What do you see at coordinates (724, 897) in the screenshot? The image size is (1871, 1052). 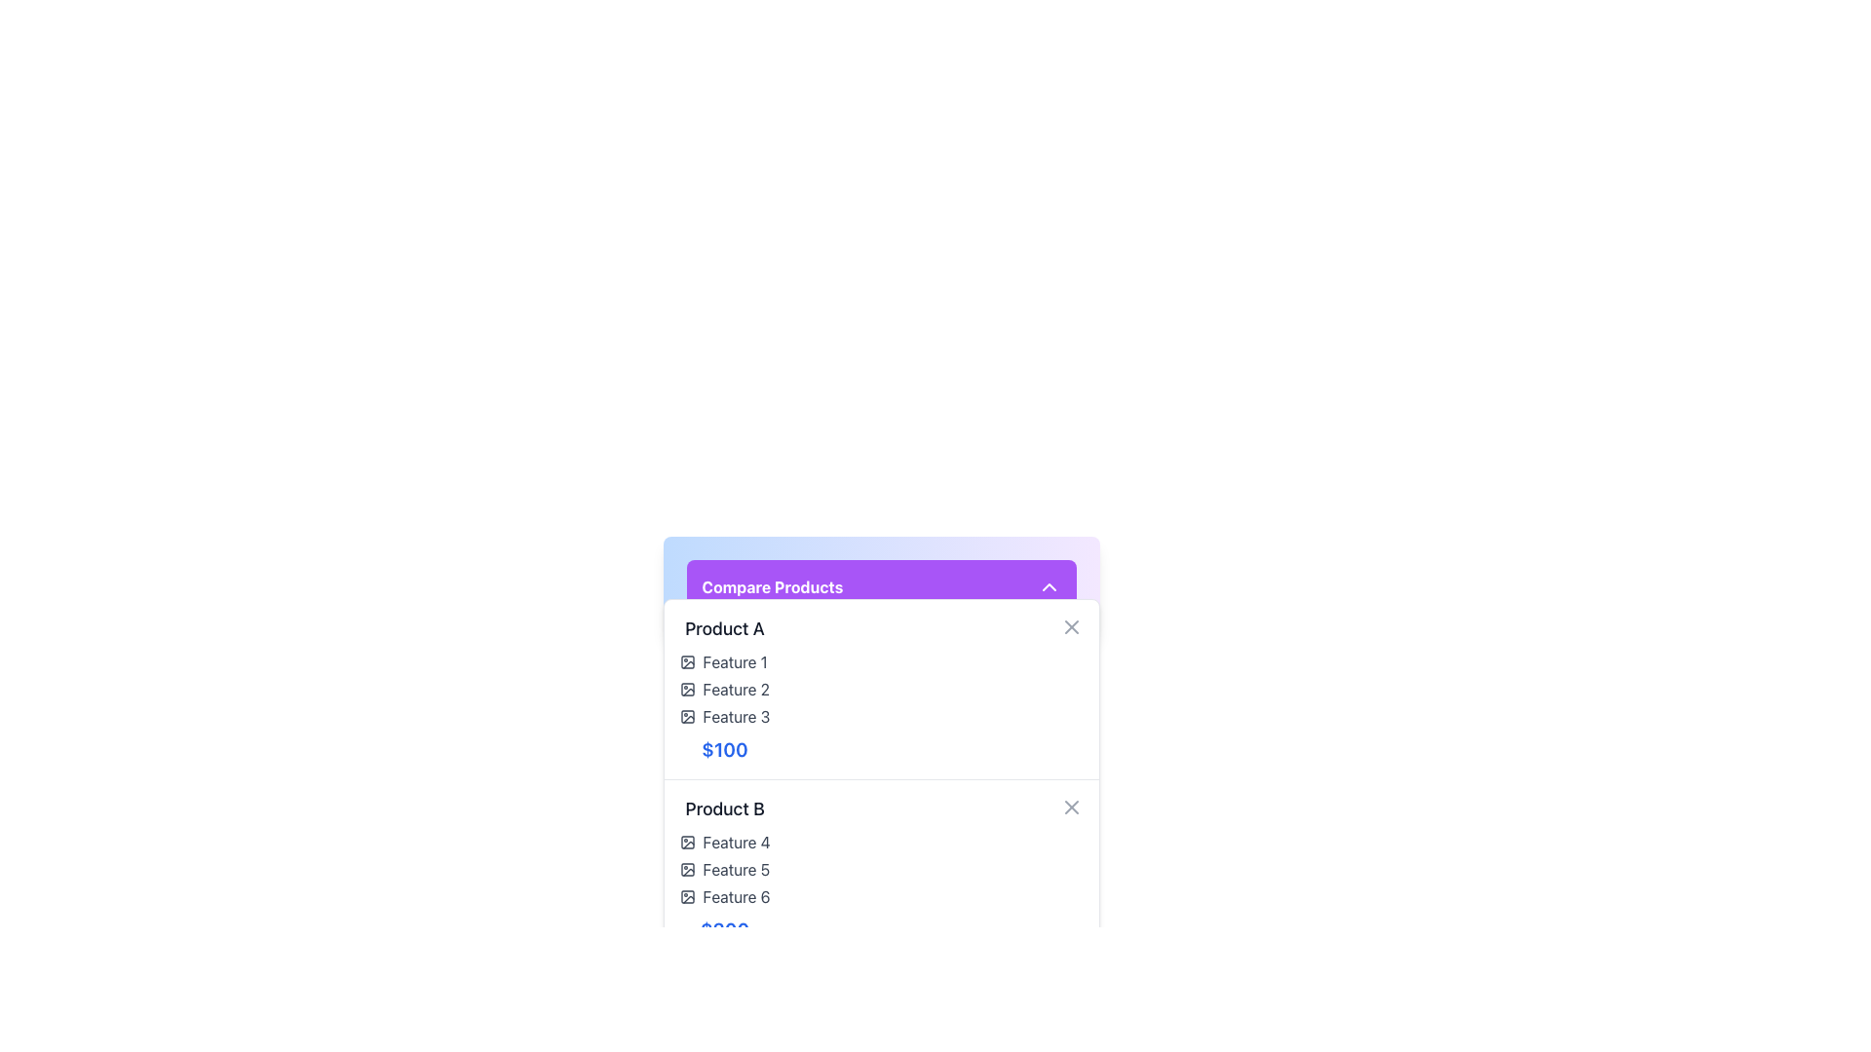 I see `descriptive feature label for 'Product B', located in the second section of the list as the last listed feature after 'Feature 4' and 'Feature 5'` at bounding box center [724, 897].